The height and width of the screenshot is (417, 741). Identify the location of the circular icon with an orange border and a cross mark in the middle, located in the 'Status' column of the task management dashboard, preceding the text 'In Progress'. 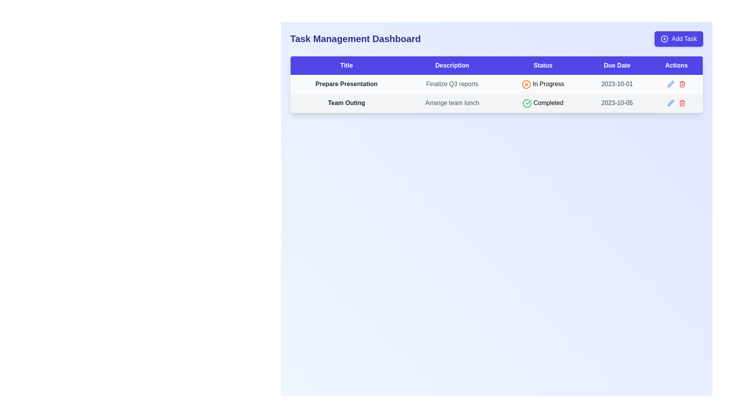
(526, 84).